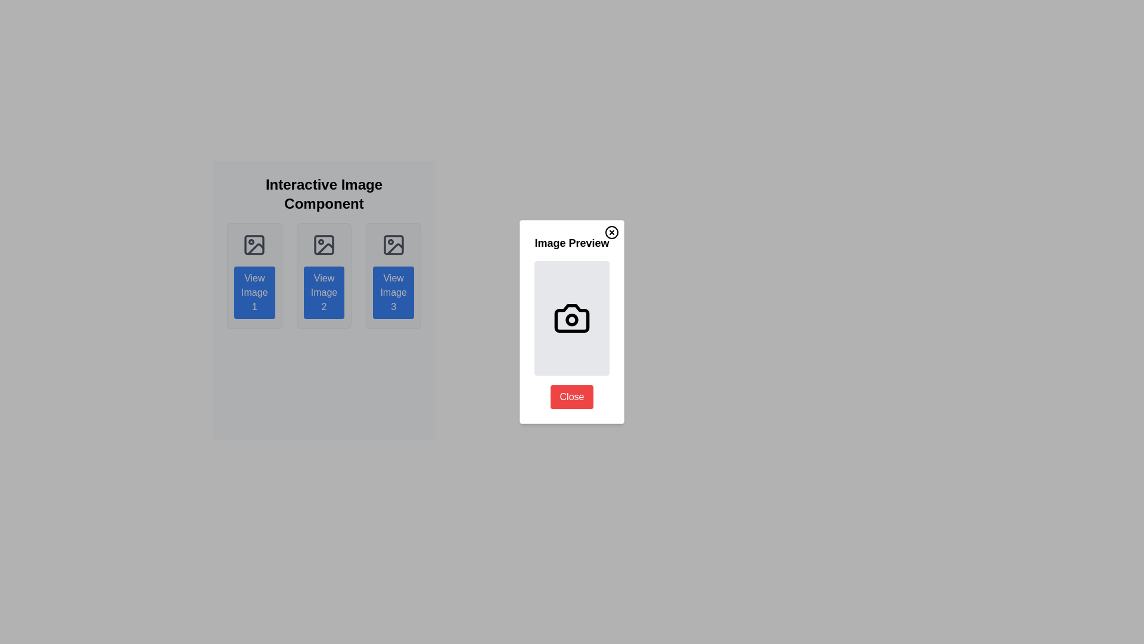 The image size is (1144, 644). Describe the element at coordinates (572, 317) in the screenshot. I see `the graphical icon representing the camera body within the camera icon, located in the modal panel labeled 'Image Preview'` at that location.